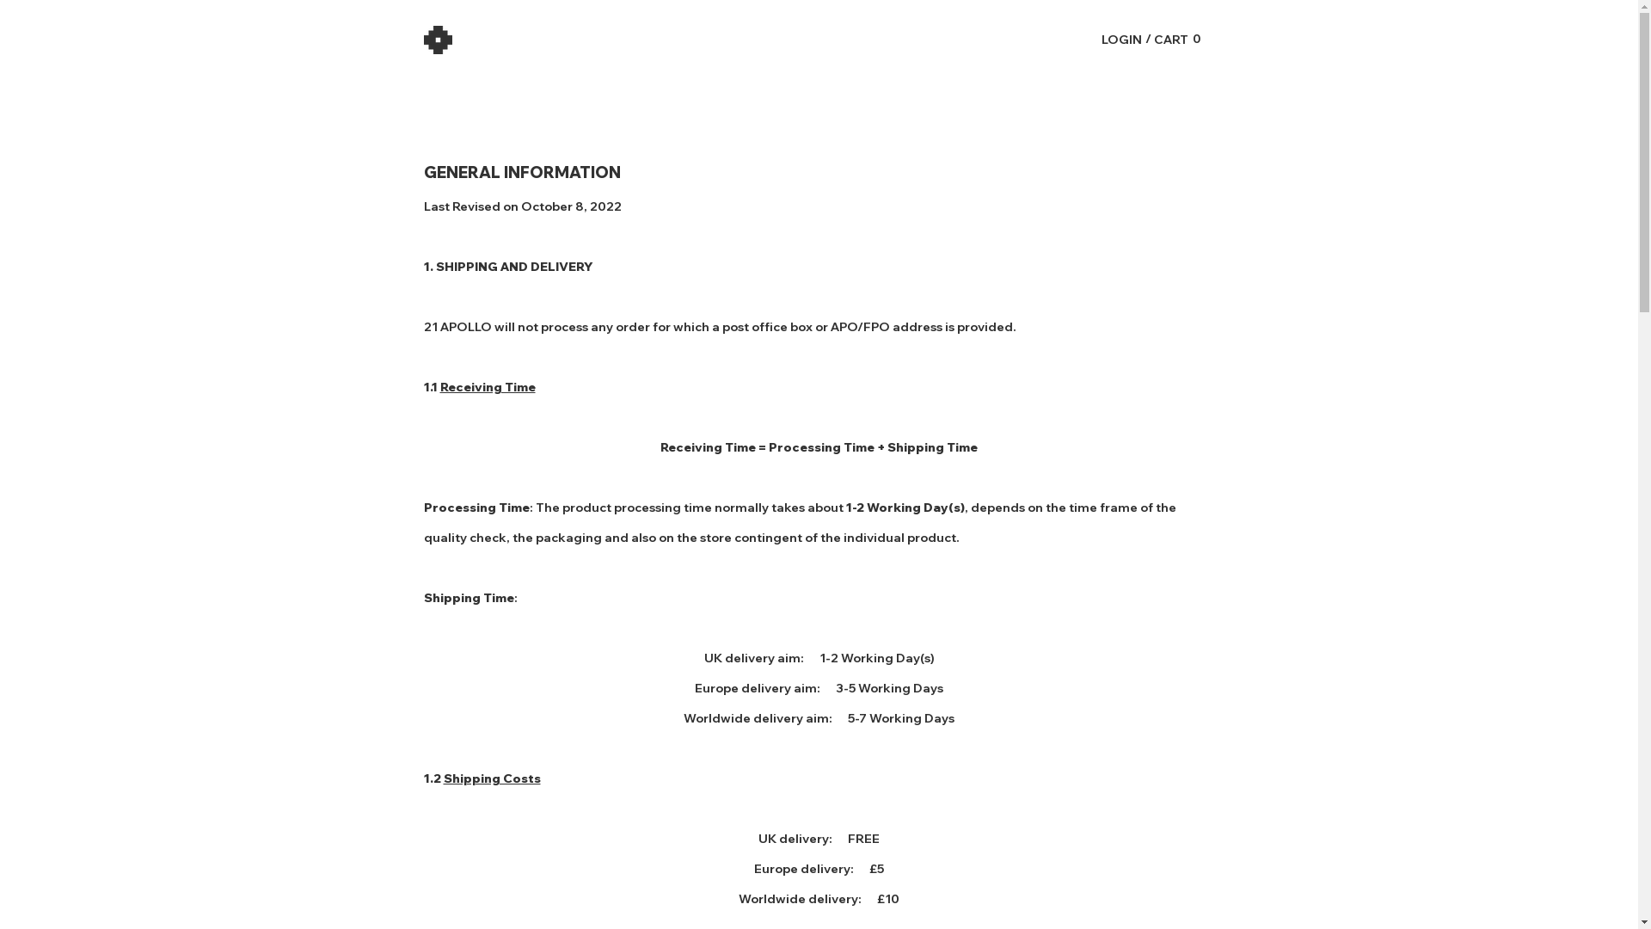  What do you see at coordinates (1120, 39) in the screenshot?
I see `'LOGIN'` at bounding box center [1120, 39].